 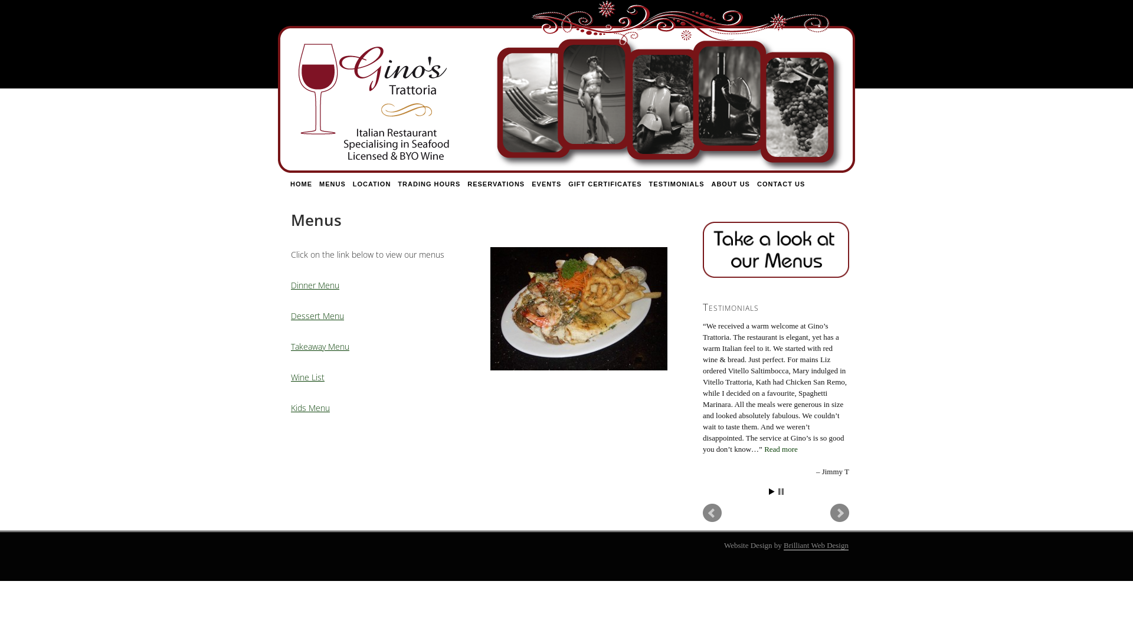 I want to click on 'ABOUT US', so click(x=729, y=184).